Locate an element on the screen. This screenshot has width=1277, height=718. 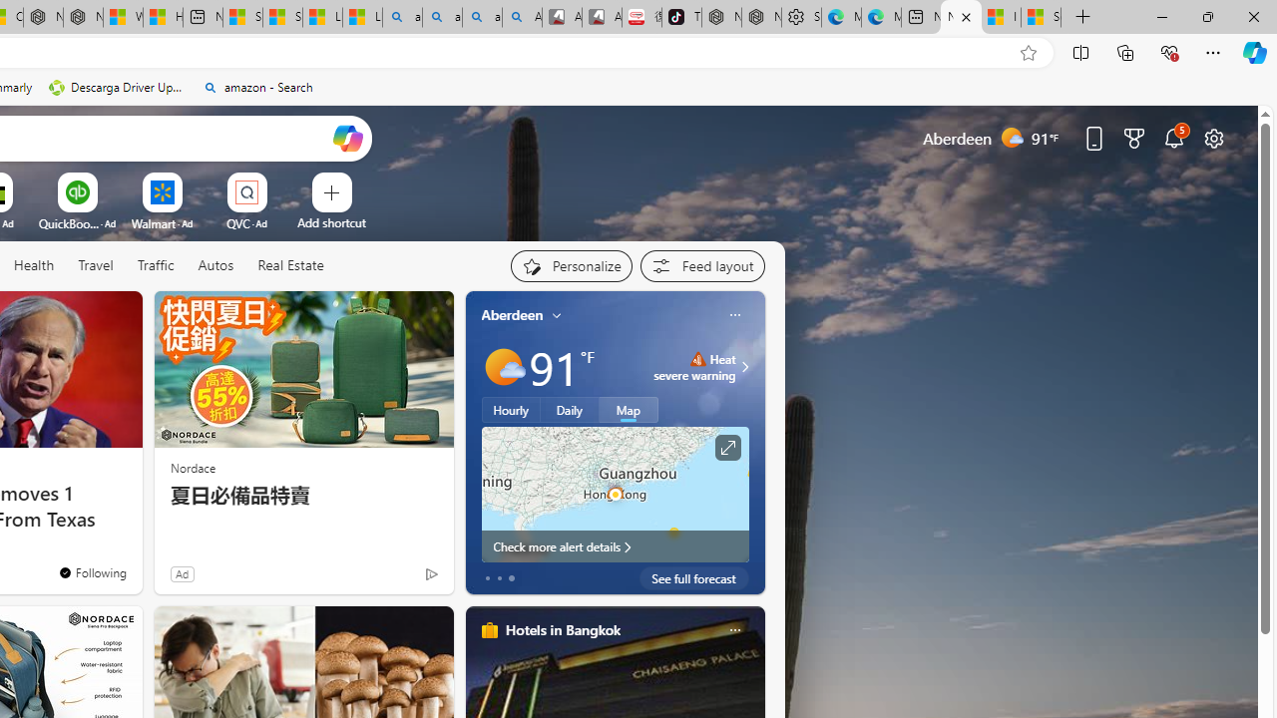
'Health' is located at coordinates (33, 265).